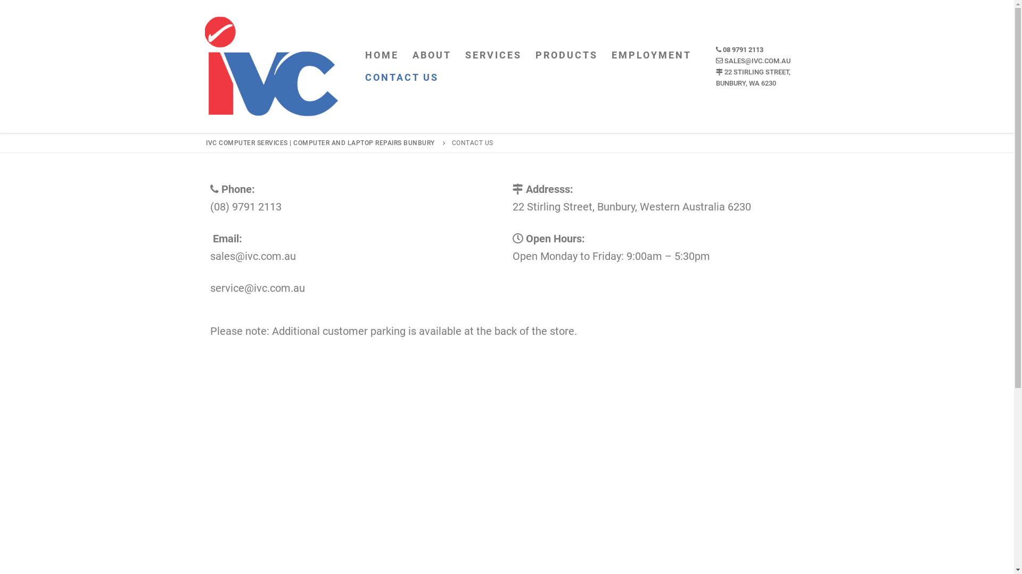  What do you see at coordinates (651, 55) in the screenshot?
I see `'EMPLOYMENT'` at bounding box center [651, 55].